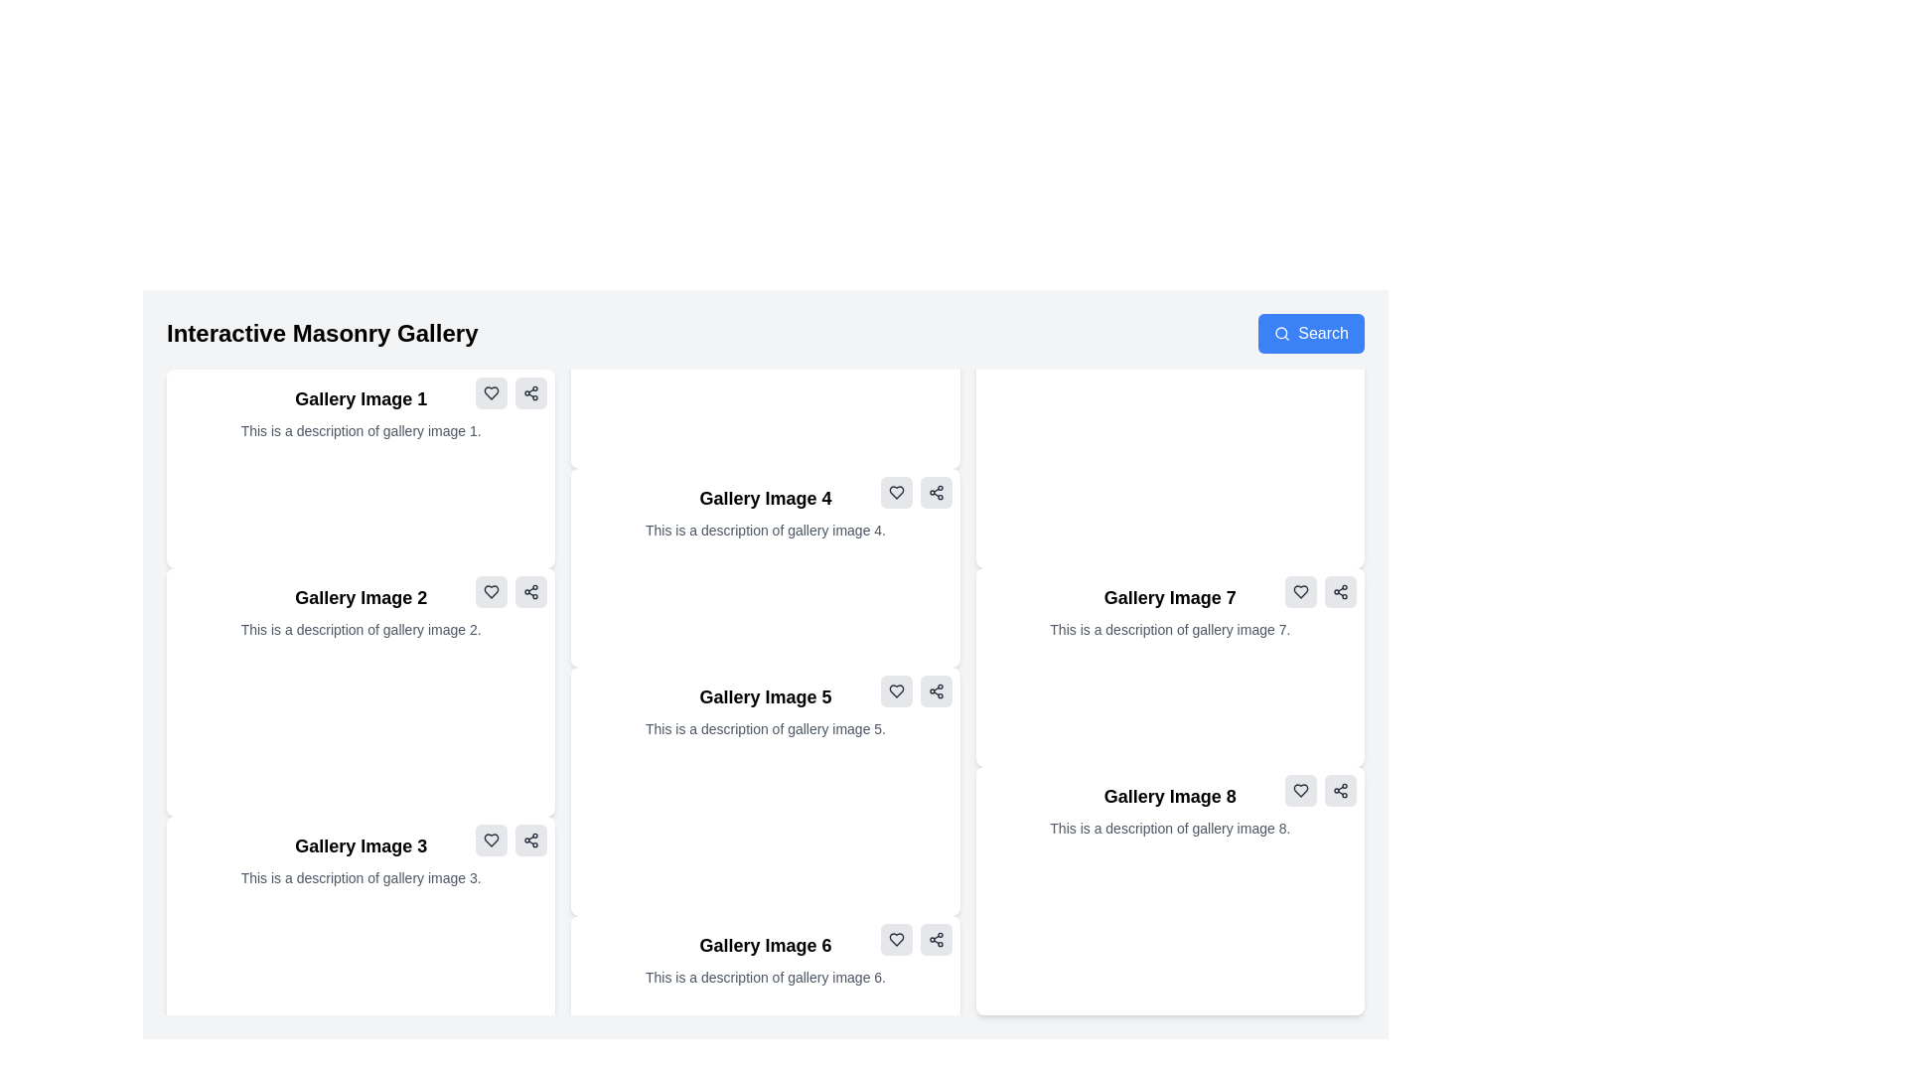  What do you see at coordinates (531, 840) in the screenshot?
I see `the share button with a light gray background and rounded corners located in the bottom-right corner of the 'Gallery Image 3' card to initiate sharing options` at bounding box center [531, 840].